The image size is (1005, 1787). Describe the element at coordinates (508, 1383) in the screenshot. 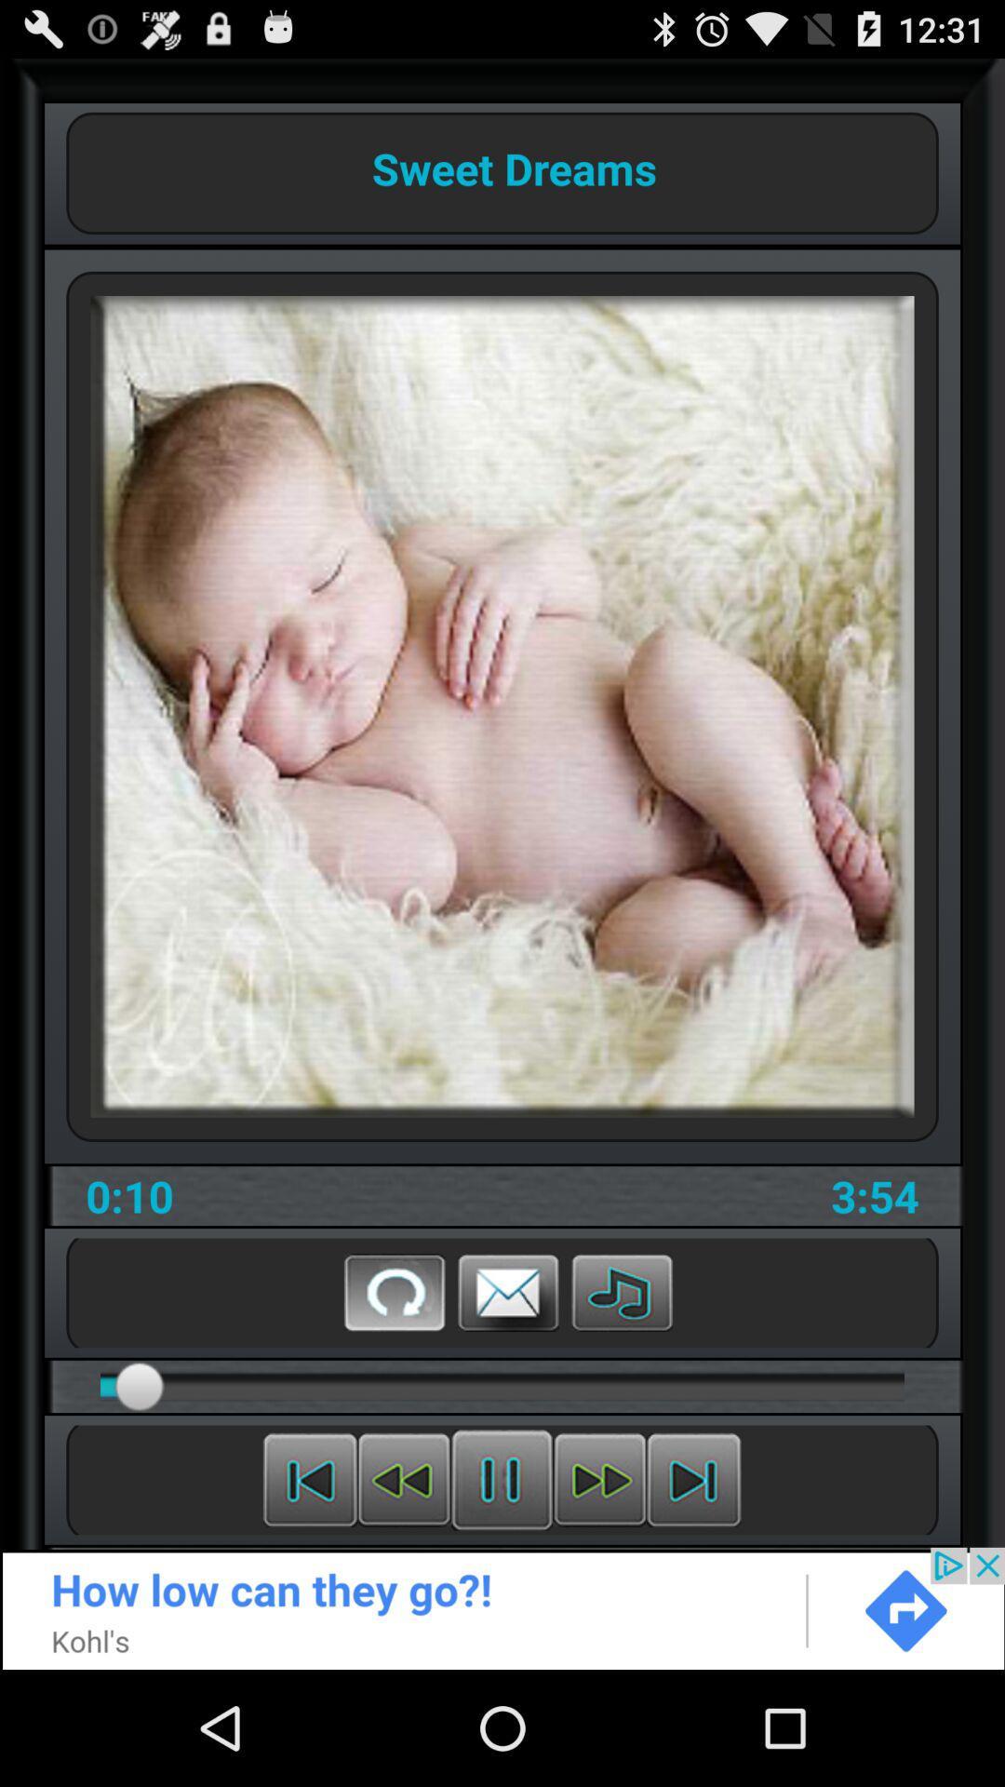

I see `the email icon` at that location.